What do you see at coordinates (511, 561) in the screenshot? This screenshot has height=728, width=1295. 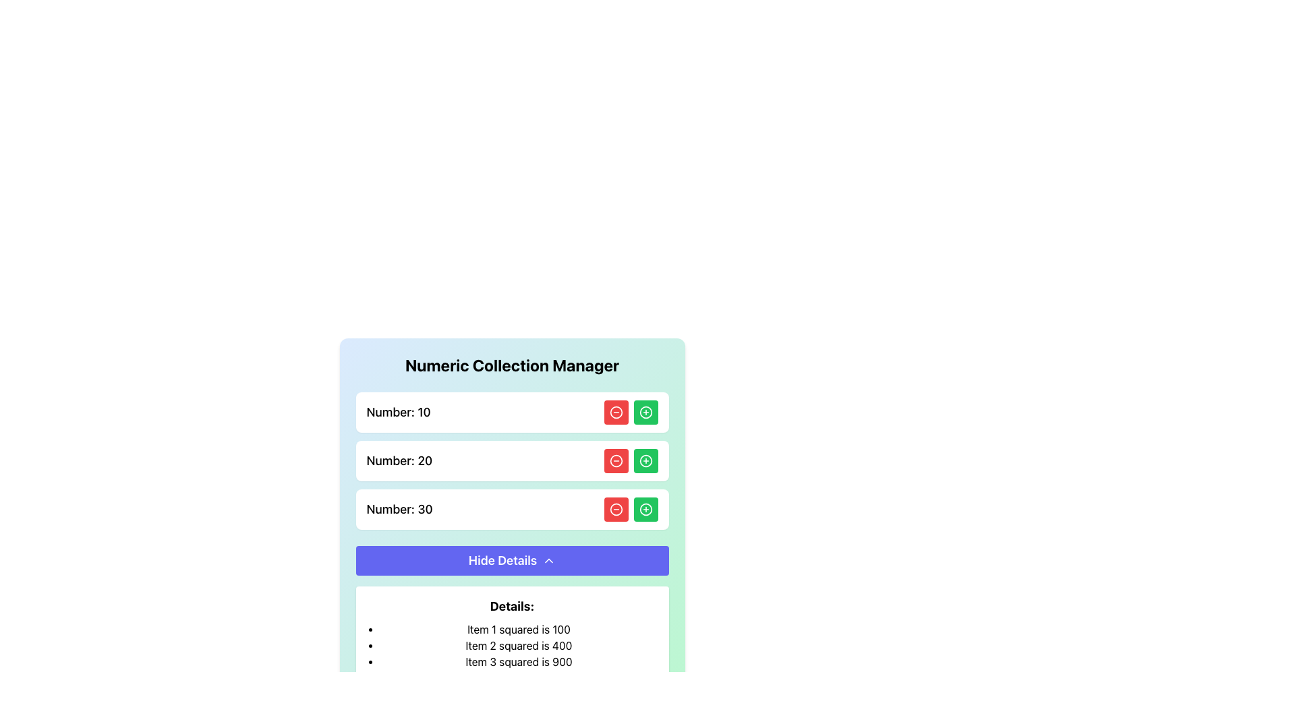 I see `the 'Hide Details' button with a bold blue background and white text` at bounding box center [511, 561].